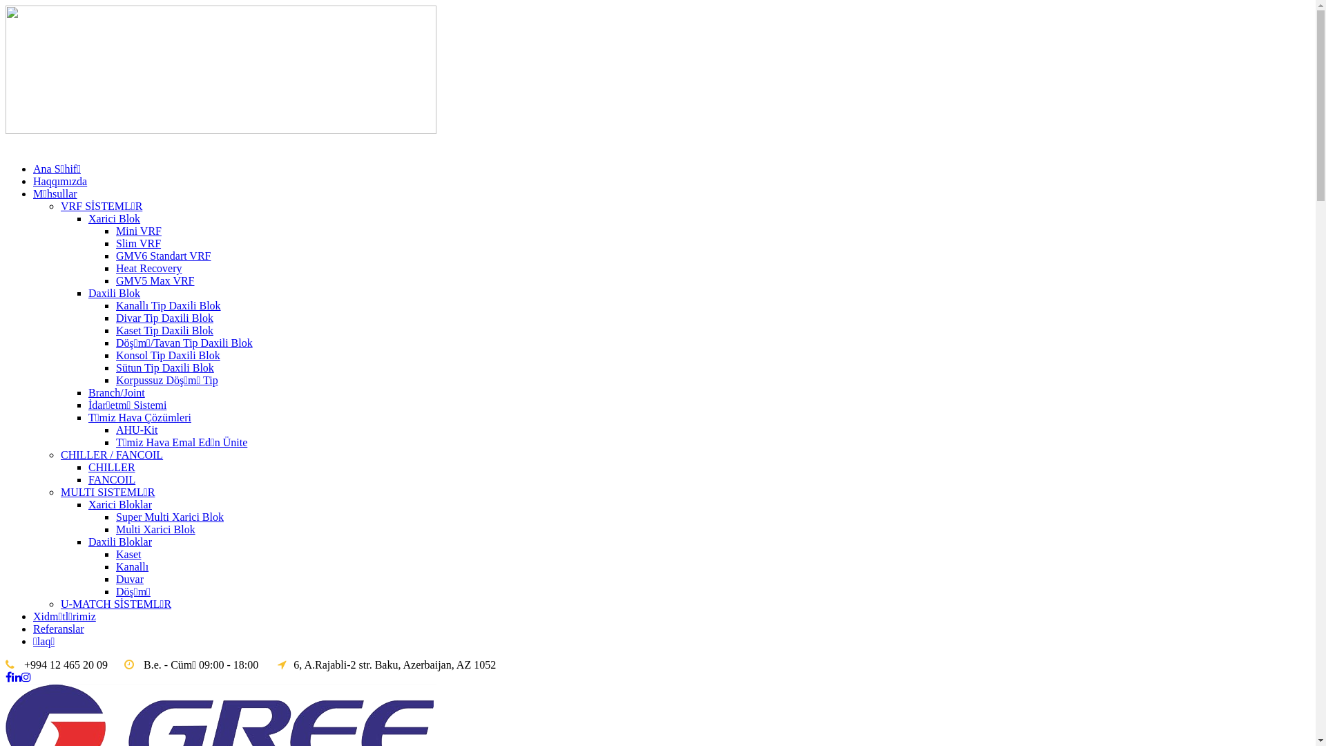 This screenshot has height=746, width=1326. Describe the element at coordinates (167, 354) in the screenshot. I see `'Konsol Tip Daxili Blok'` at that location.